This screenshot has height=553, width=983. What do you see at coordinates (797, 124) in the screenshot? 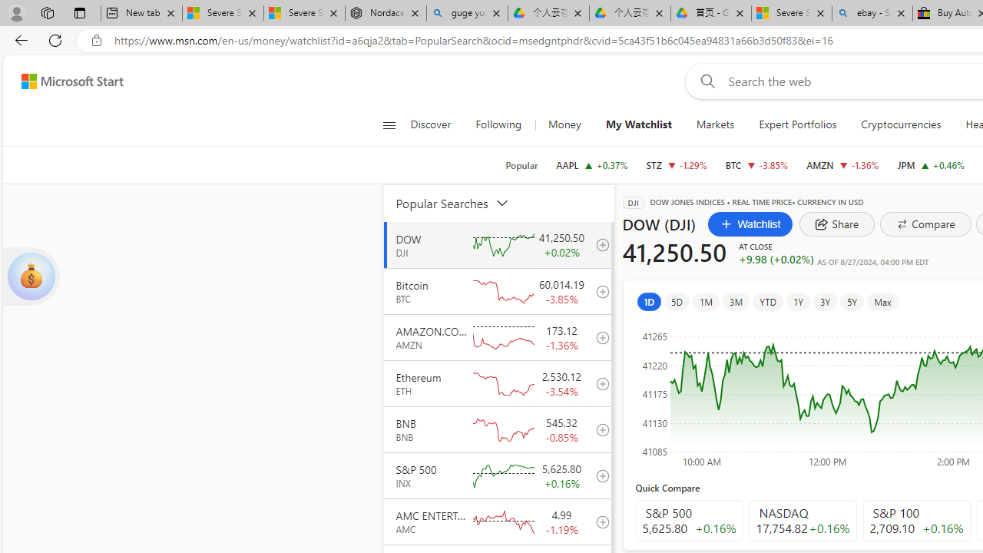
I see `'Expert Portfolios'` at bounding box center [797, 124].